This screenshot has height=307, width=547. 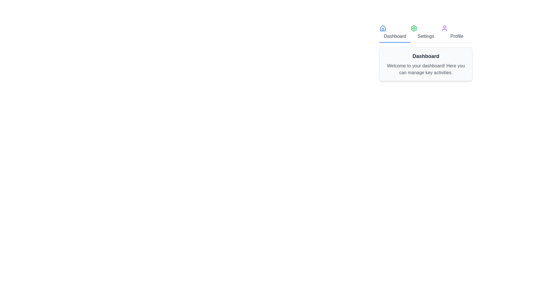 What do you see at coordinates (426, 33) in the screenshot?
I see `the tab labeled Settings` at bounding box center [426, 33].